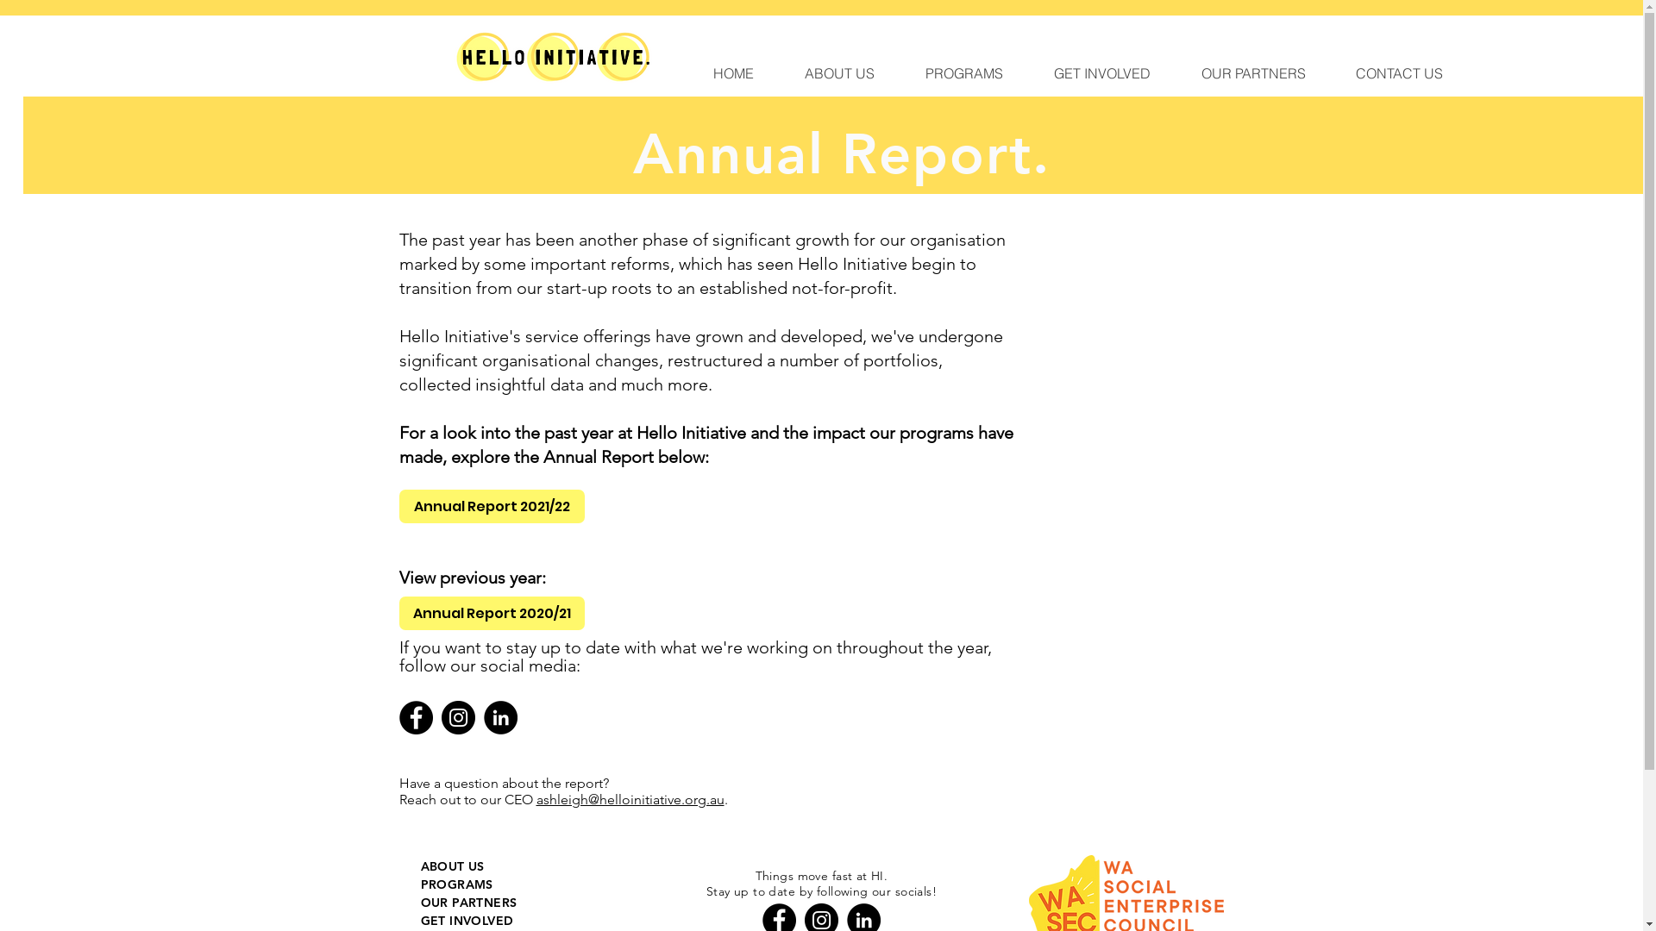 The image size is (1656, 931). What do you see at coordinates (467, 920) in the screenshot?
I see `'GET INVOLVED'` at bounding box center [467, 920].